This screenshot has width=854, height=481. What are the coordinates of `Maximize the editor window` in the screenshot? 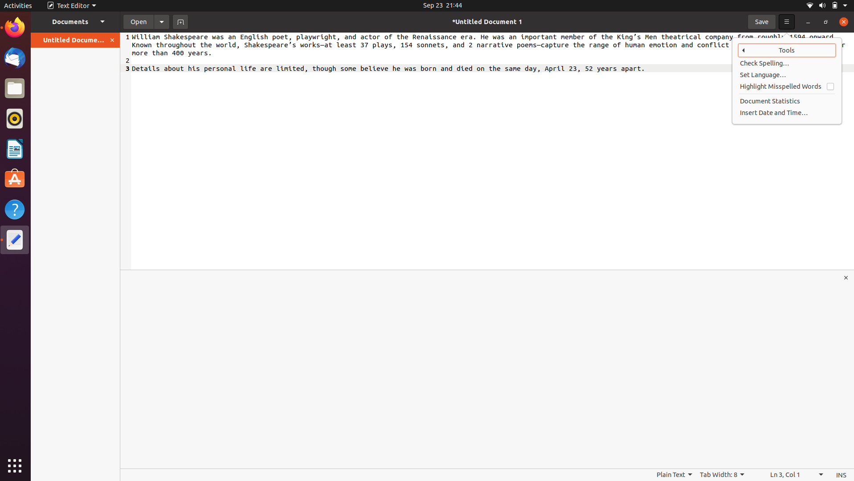 It's located at (846, 277).